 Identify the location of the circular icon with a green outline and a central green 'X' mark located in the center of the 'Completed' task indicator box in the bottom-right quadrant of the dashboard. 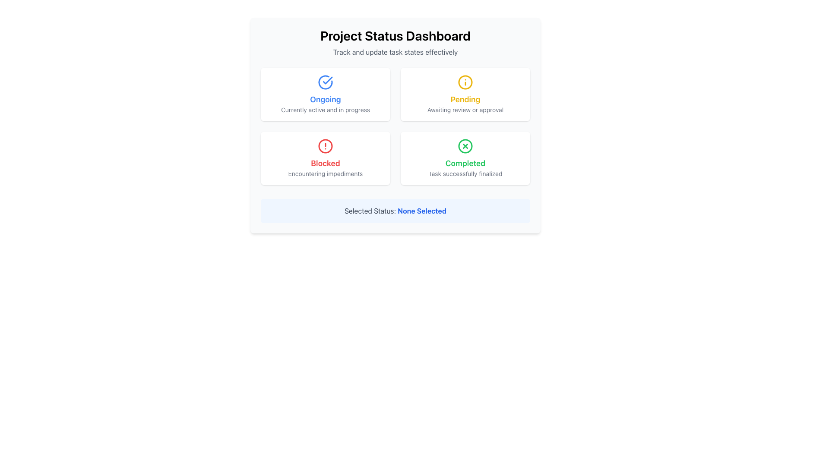
(465, 146).